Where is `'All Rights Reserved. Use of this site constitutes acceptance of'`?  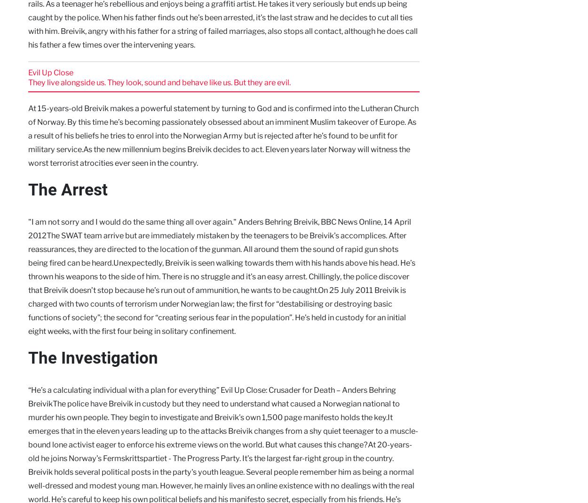 'All Rights Reserved. Use of this site constitutes acceptance of' is located at coordinates (286, 442).